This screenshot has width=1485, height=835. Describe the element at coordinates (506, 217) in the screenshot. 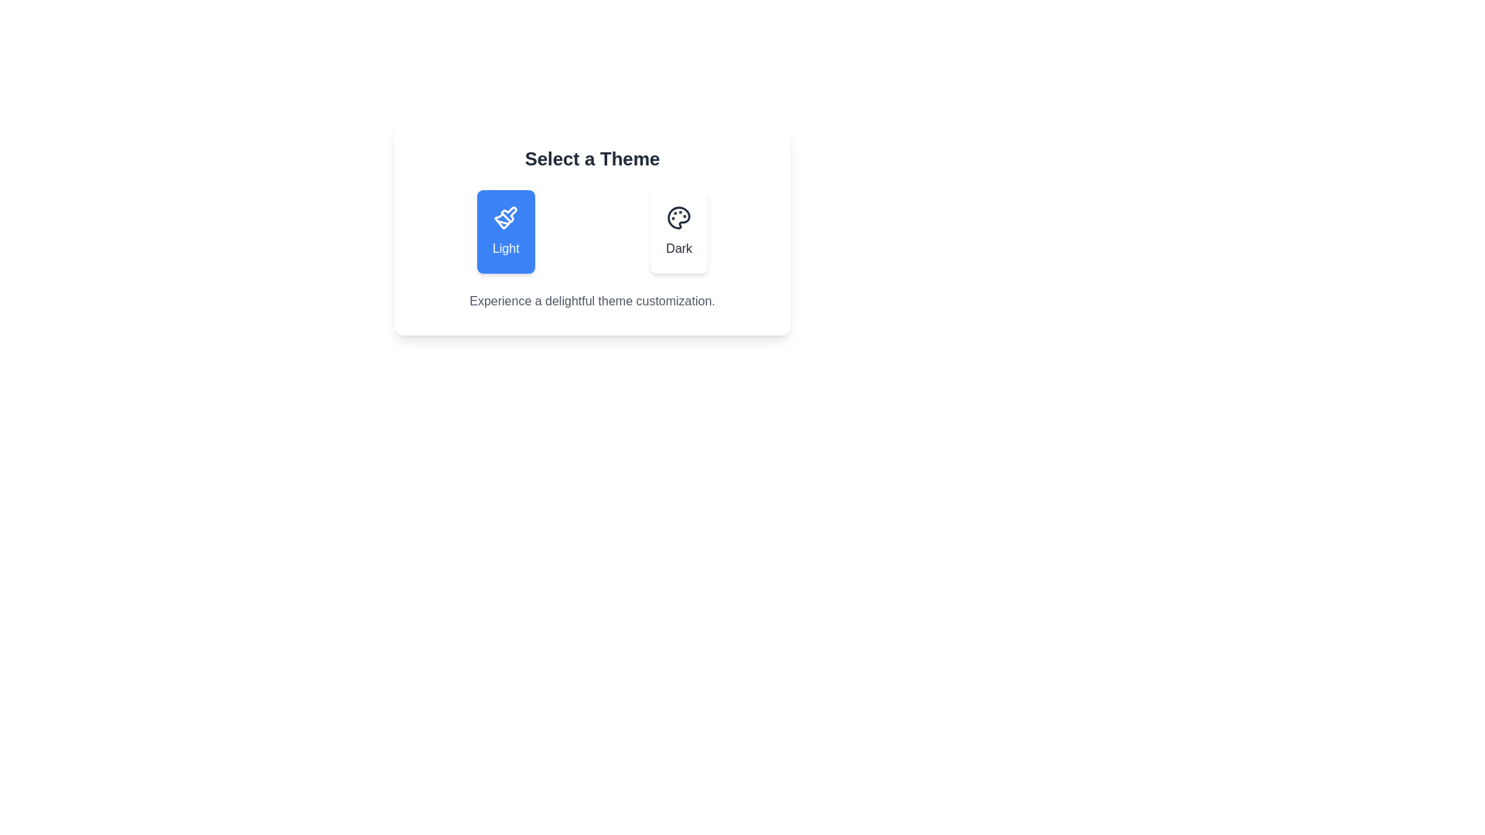

I see `the theme icon for Light theme` at that location.